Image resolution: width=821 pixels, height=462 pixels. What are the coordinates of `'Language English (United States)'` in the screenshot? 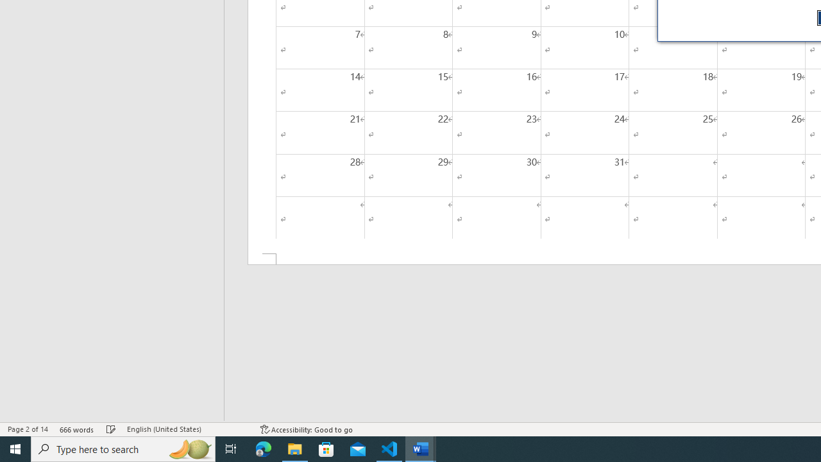 It's located at (187, 429).